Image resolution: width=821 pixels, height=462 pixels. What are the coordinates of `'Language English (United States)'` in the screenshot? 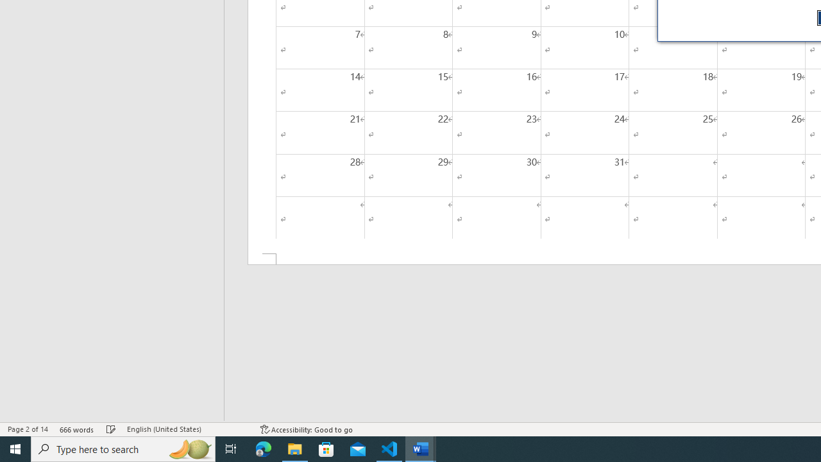 It's located at (187, 429).